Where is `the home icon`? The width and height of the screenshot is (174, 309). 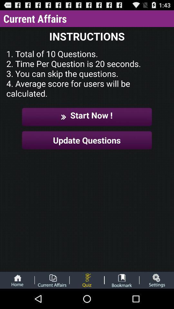 the home icon is located at coordinates (17, 300).